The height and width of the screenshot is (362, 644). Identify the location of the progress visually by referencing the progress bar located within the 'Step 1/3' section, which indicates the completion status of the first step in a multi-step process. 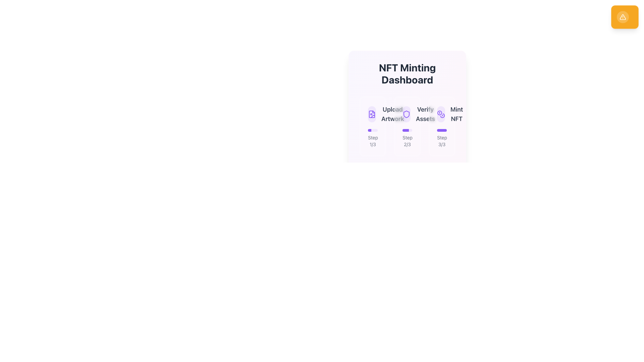
(372, 130).